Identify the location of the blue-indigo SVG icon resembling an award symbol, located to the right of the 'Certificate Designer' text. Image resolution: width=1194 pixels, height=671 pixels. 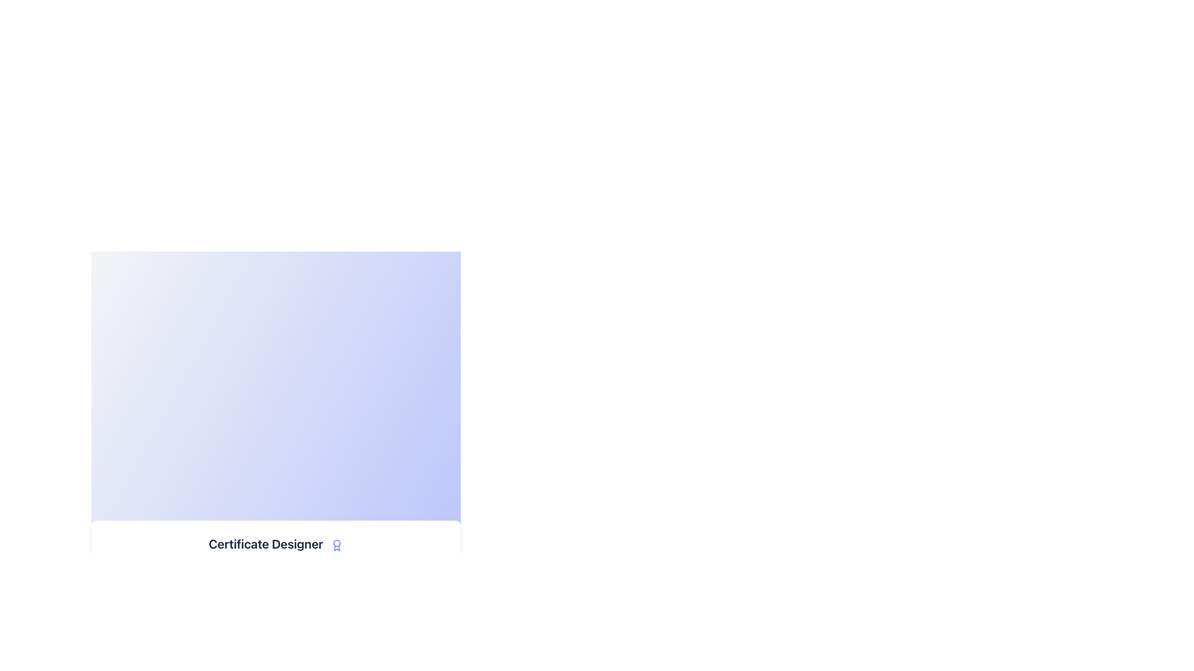
(337, 544).